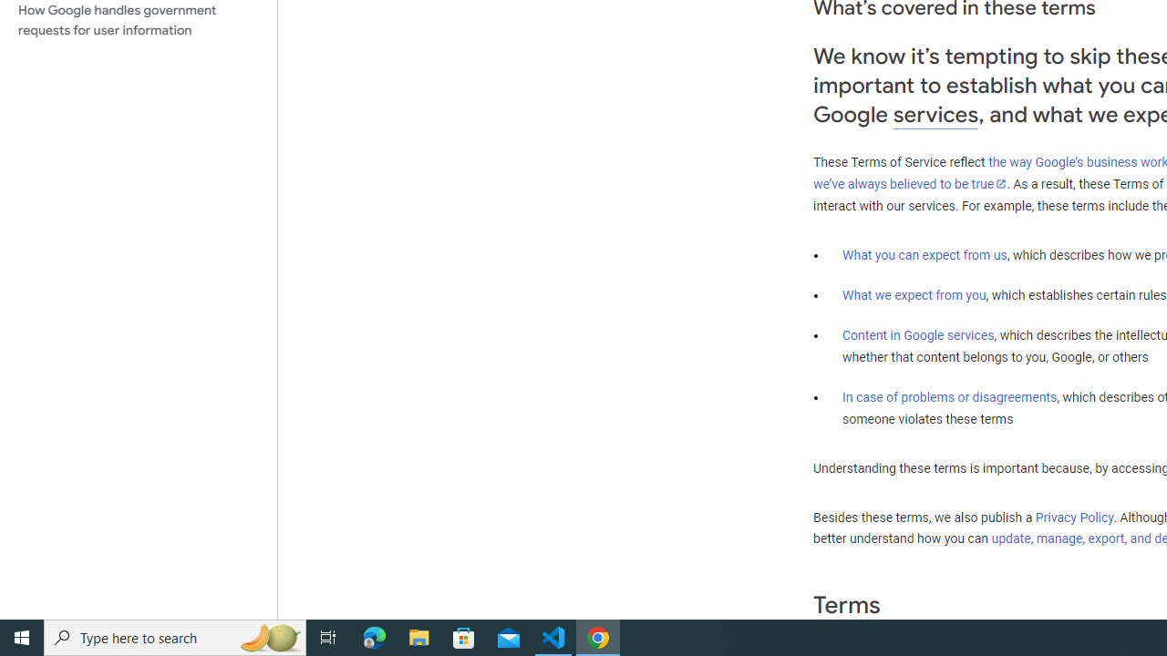 This screenshot has height=656, width=1167. What do you see at coordinates (918, 335) in the screenshot?
I see `'Content in Google services'` at bounding box center [918, 335].